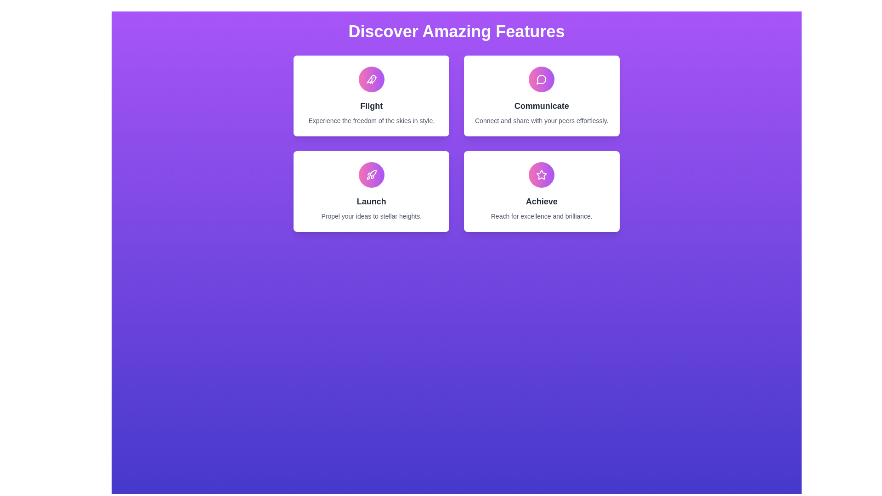  I want to click on the star-shaped icon with a gradient of pink and purple hues located within the 'Achieve' feature card, positioned centrally above the title text 'Achieve', so click(542, 175).